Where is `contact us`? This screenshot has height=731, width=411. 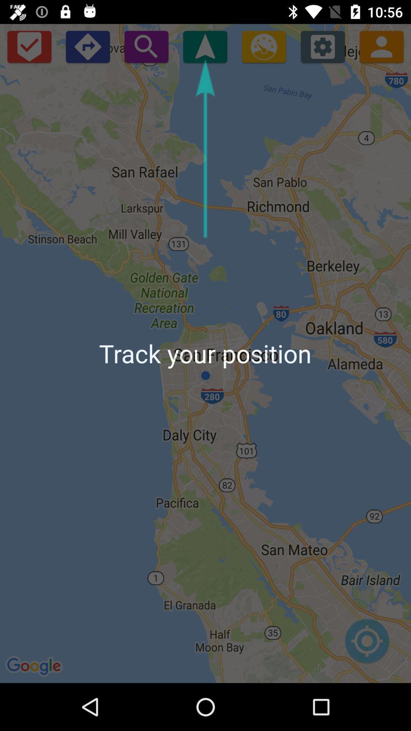
contact us is located at coordinates (381, 46).